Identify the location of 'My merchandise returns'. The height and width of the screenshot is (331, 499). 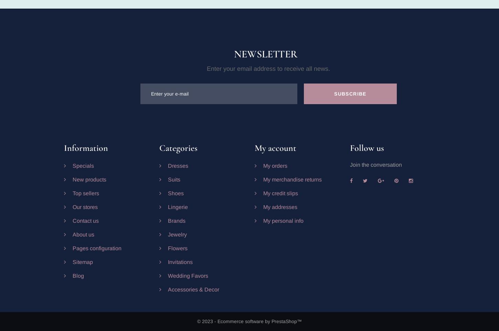
(291, 179).